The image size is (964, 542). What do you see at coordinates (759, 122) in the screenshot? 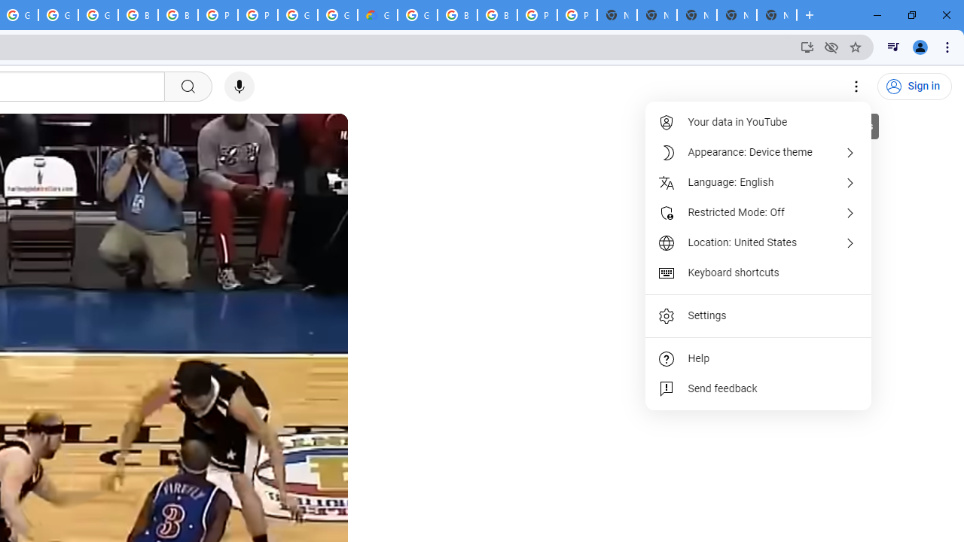
I see `'Your data in YouTube'` at bounding box center [759, 122].